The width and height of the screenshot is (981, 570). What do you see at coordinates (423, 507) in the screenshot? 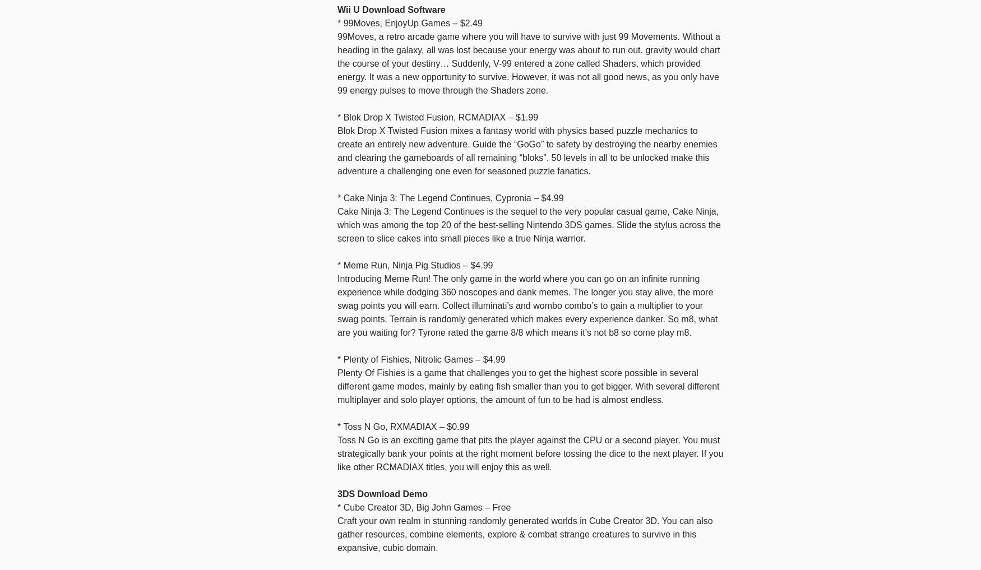
I see `'* Cube Creator 3D, Big John Games – Free'` at bounding box center [423, 507].